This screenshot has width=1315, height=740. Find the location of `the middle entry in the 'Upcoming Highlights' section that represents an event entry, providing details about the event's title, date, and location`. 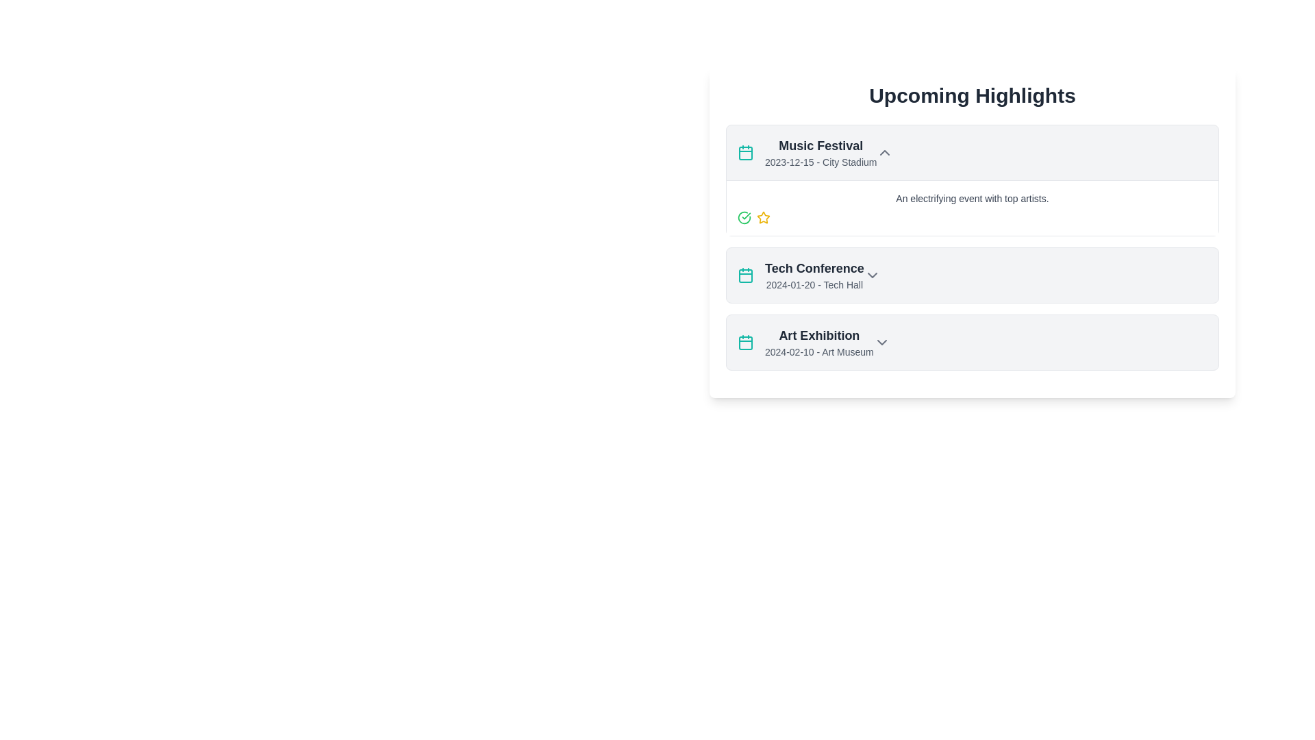

the middle entry in the 'Upcoming Highlights' section that represents an event entry, providing details about the event's title, date, and location is located at coordinates (972, 275).